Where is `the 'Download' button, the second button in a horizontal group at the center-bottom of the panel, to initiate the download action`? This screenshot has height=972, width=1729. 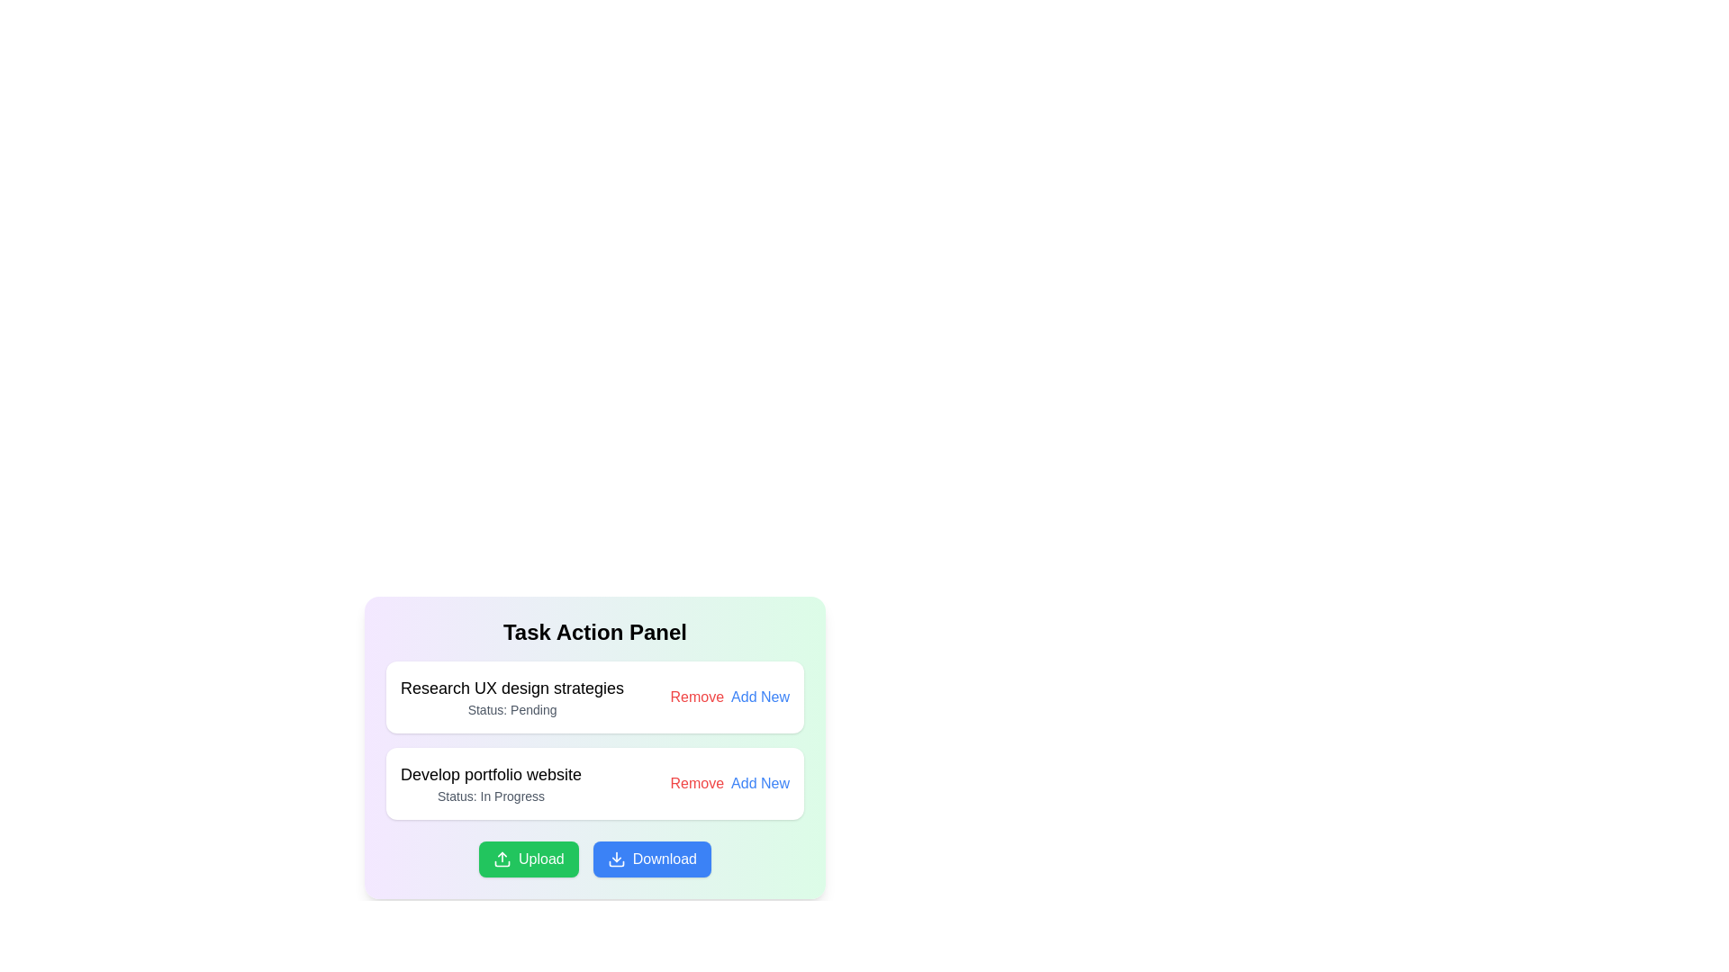
the 'Download' button, the second button in a horizontal group at the center-bottom of the panel, to initiate the download action is located at coordinates (651, 859).